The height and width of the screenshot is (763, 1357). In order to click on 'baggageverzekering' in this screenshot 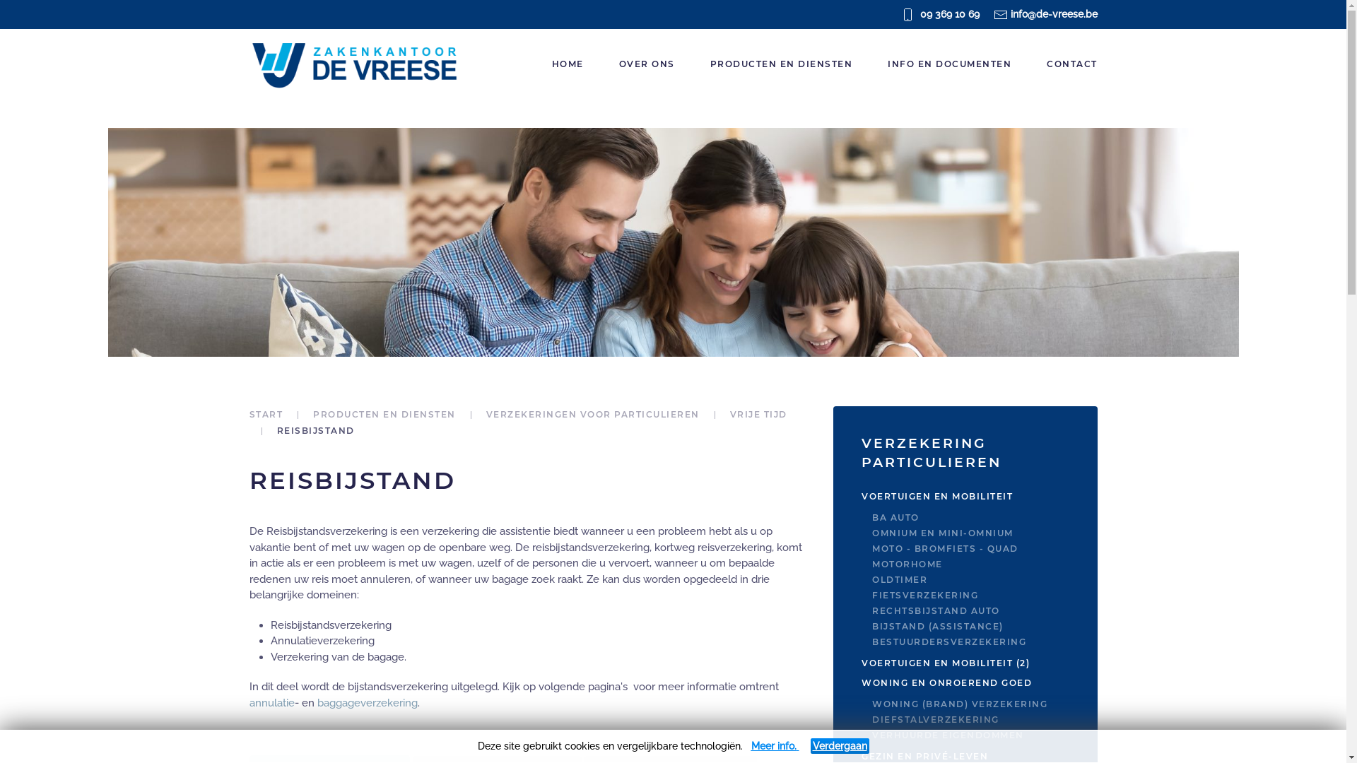, I will do `click(366, 703)`.